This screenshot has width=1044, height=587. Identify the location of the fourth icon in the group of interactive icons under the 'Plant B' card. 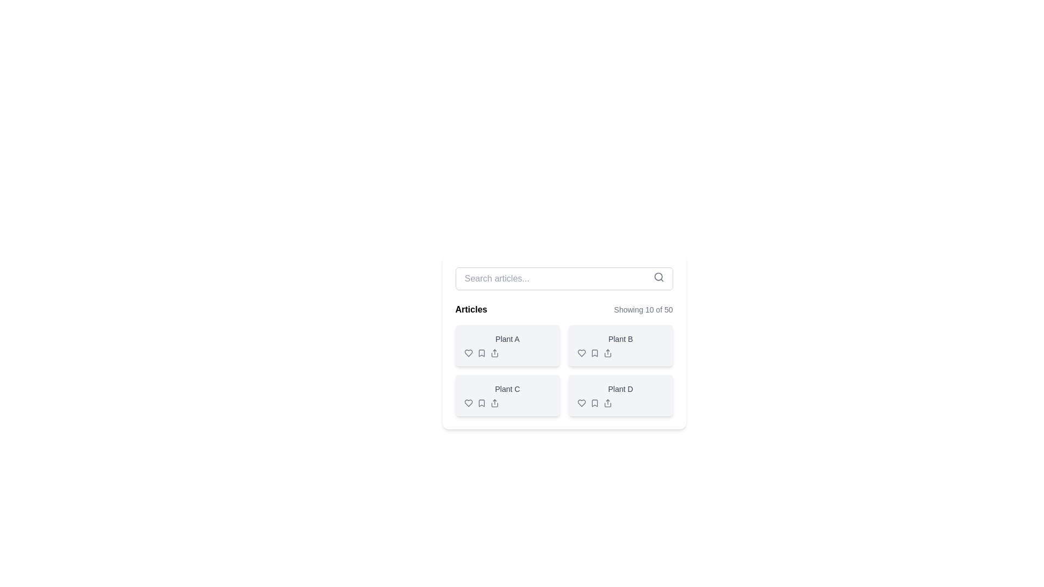
(607, 353).